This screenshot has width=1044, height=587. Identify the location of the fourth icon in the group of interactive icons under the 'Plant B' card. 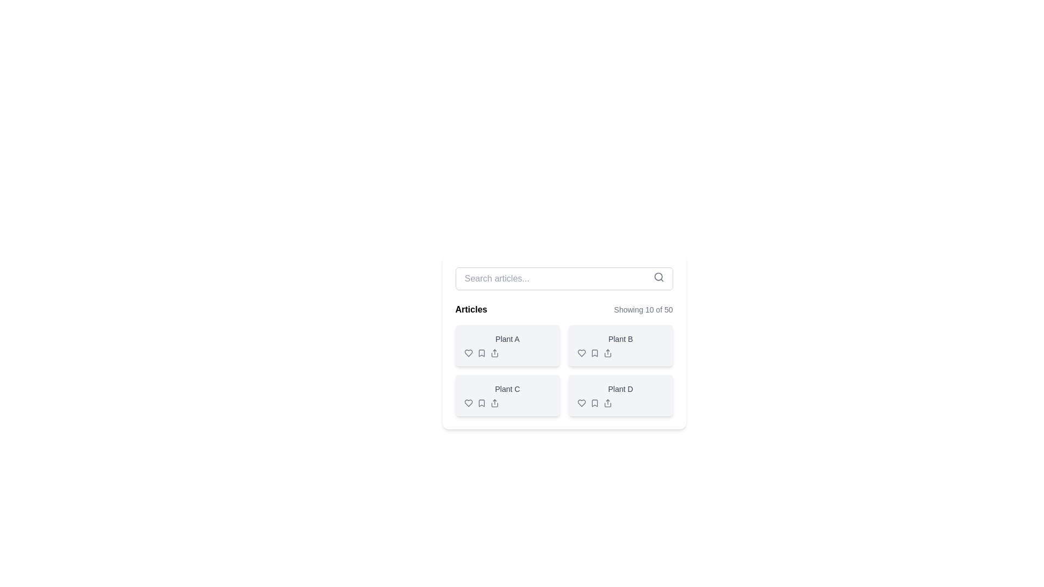
(607, 353).